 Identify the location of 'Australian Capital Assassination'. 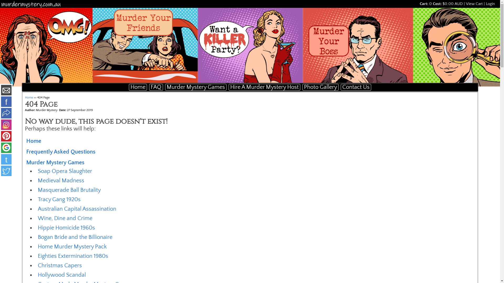
(77, 209).